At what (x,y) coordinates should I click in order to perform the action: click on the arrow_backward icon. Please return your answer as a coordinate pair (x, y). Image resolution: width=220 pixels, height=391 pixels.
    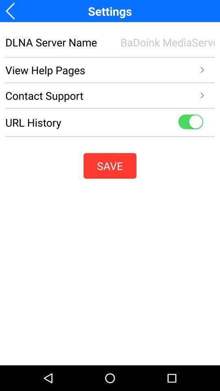
    Looking at the image, I should click on (12, 11).